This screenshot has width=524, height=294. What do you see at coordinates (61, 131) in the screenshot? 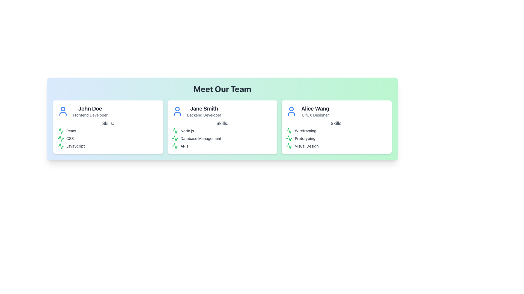
I see `the green waveform icon representing a skill in the leftmost card labeled 'John Doe' and 'Frontend Developer'` at bounding box center [61, 131].